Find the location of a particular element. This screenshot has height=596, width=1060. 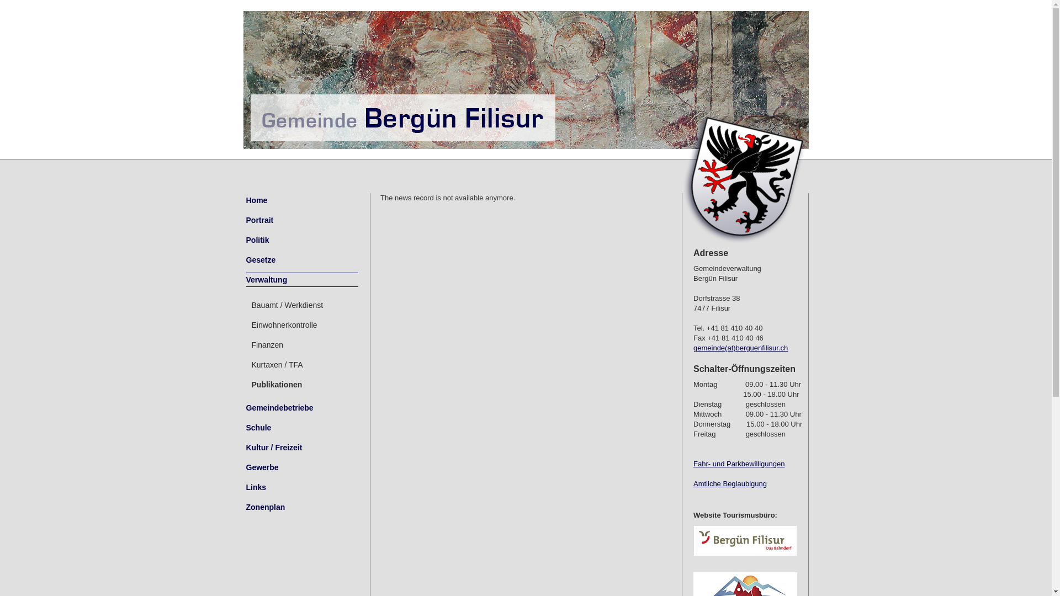

'Gesetze' is located at coordinates (302, 259).